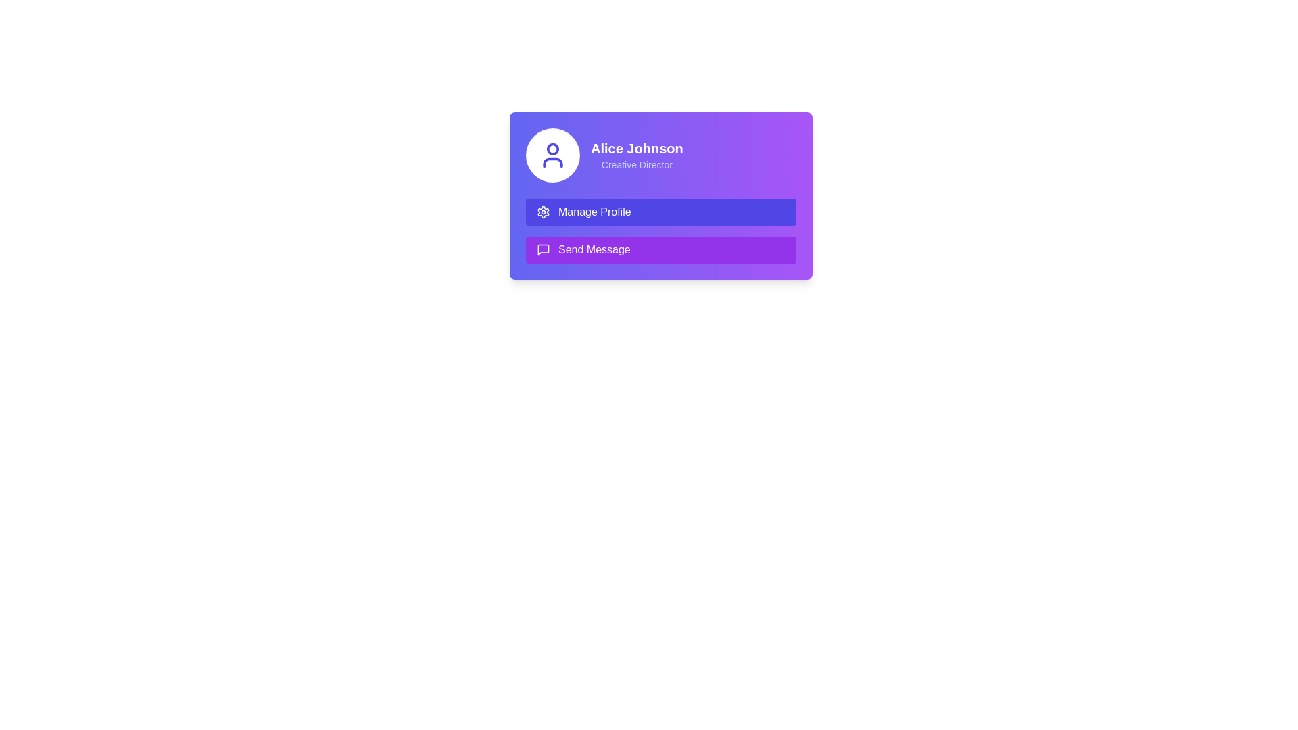 This screenshot has height=730, width=1298. What do you see at coordinates (552, 155) in the screenshot?
I see `the white circular button with a purple user icon` at bounding box center [552, 155].